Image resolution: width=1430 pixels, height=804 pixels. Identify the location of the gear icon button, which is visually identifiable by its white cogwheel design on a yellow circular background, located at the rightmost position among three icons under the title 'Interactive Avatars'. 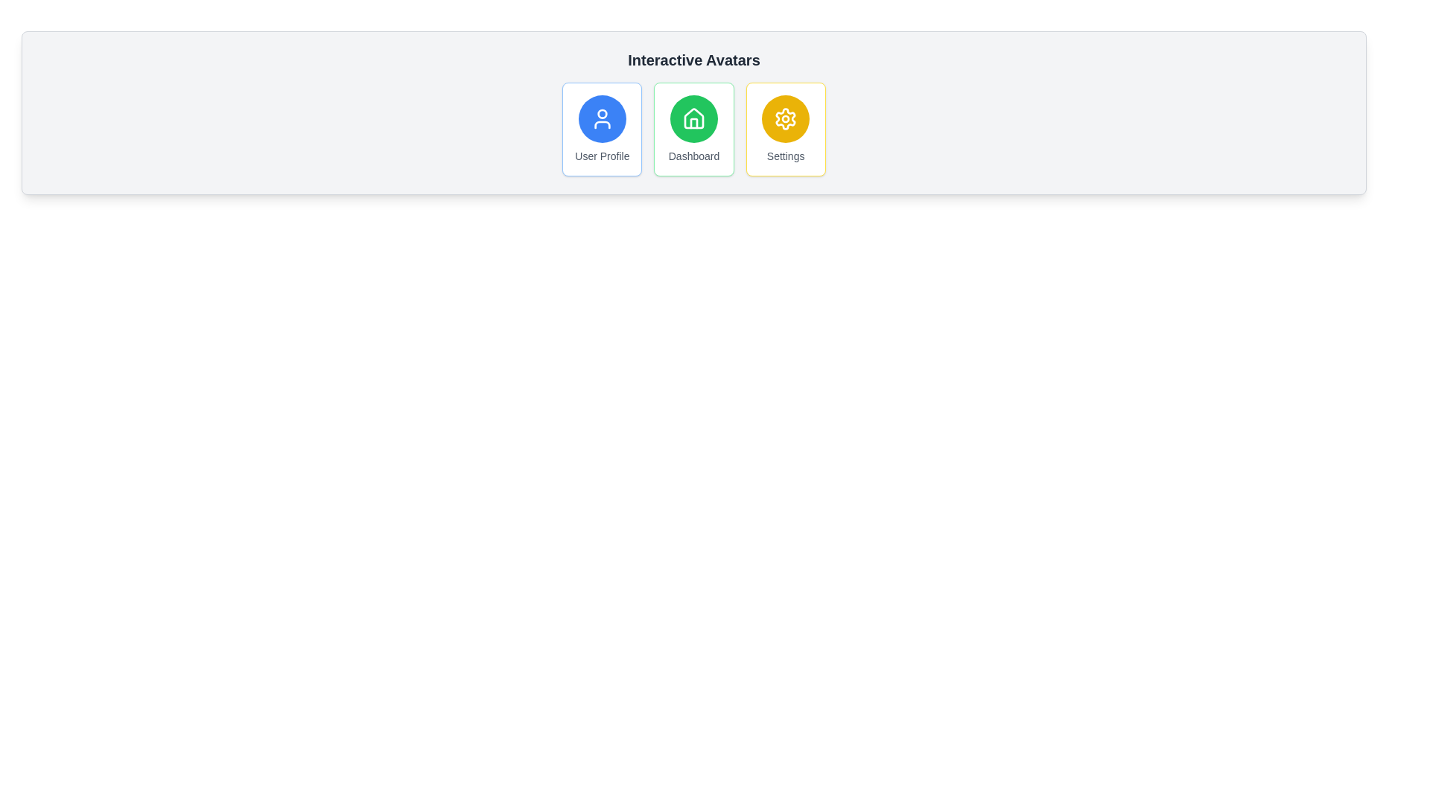
(785, 118).